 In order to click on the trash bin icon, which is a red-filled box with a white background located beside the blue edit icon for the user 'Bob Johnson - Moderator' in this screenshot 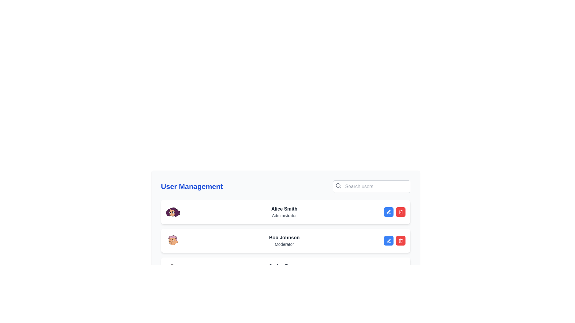, I will do `click(400, 240)`.